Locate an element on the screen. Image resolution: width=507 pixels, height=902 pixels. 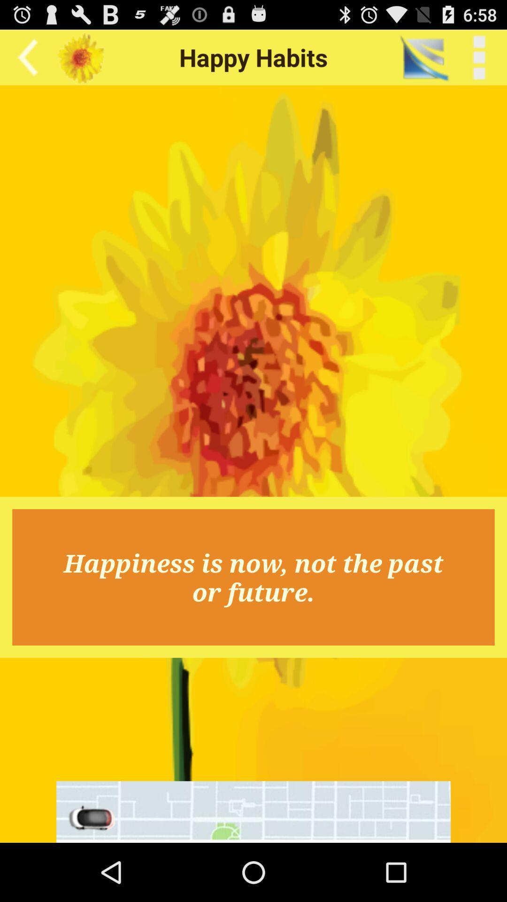
open map is located at coordinates (253, 811).